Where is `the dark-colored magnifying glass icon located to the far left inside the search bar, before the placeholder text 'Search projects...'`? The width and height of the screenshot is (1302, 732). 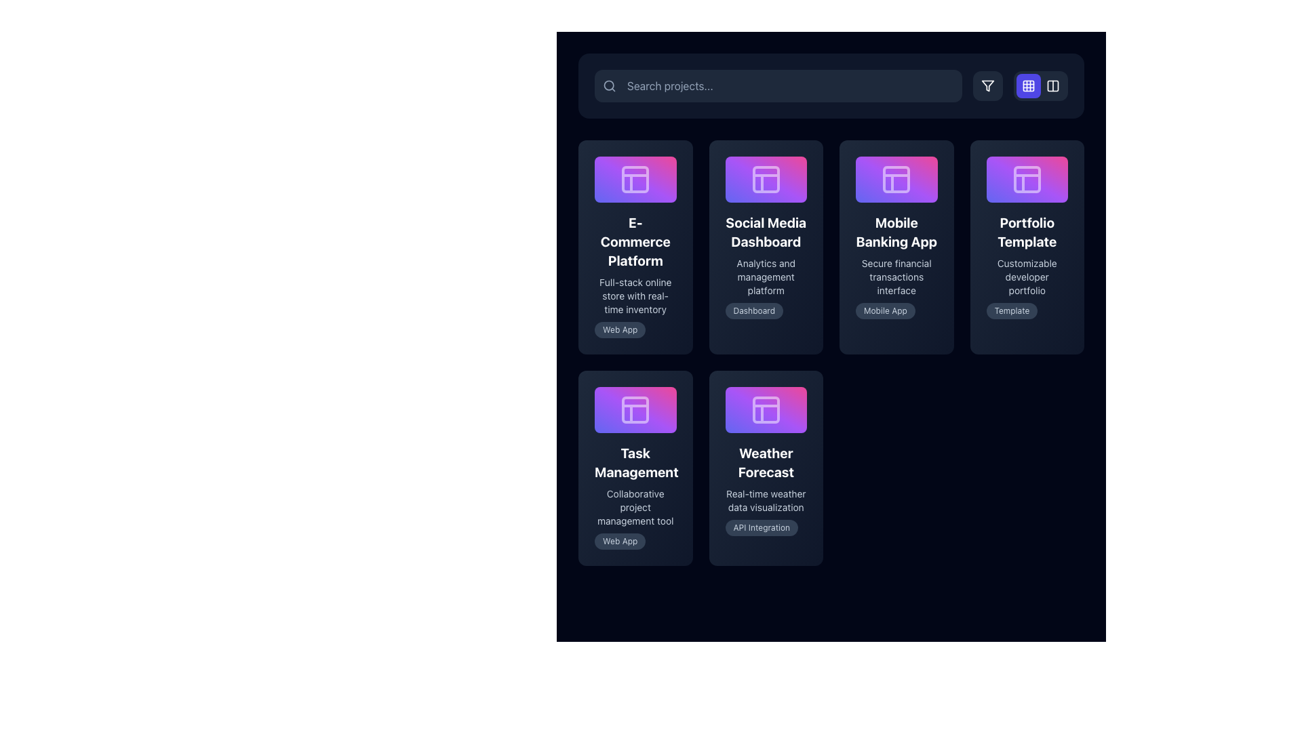 the dark-colored magnifying glass icon located to the far left inside the search bar, before the placeholder text 'Search projects...' is located at coordinates (608, 86).